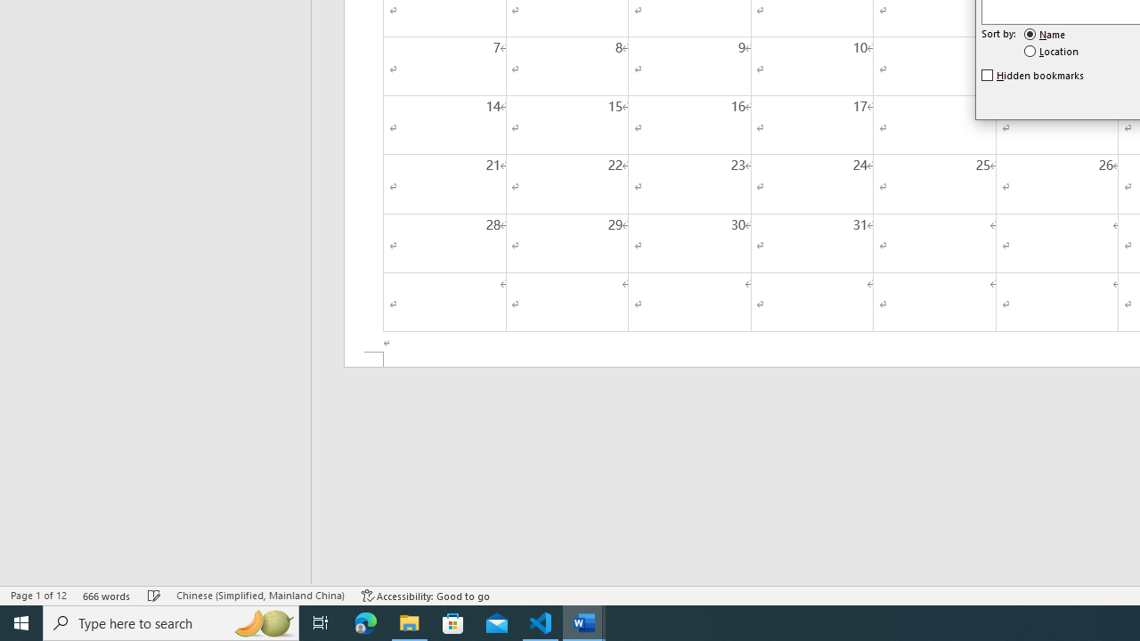 The image size is (1140, 641). I want to click on 'Microsoft Edge', so click(365, 621).